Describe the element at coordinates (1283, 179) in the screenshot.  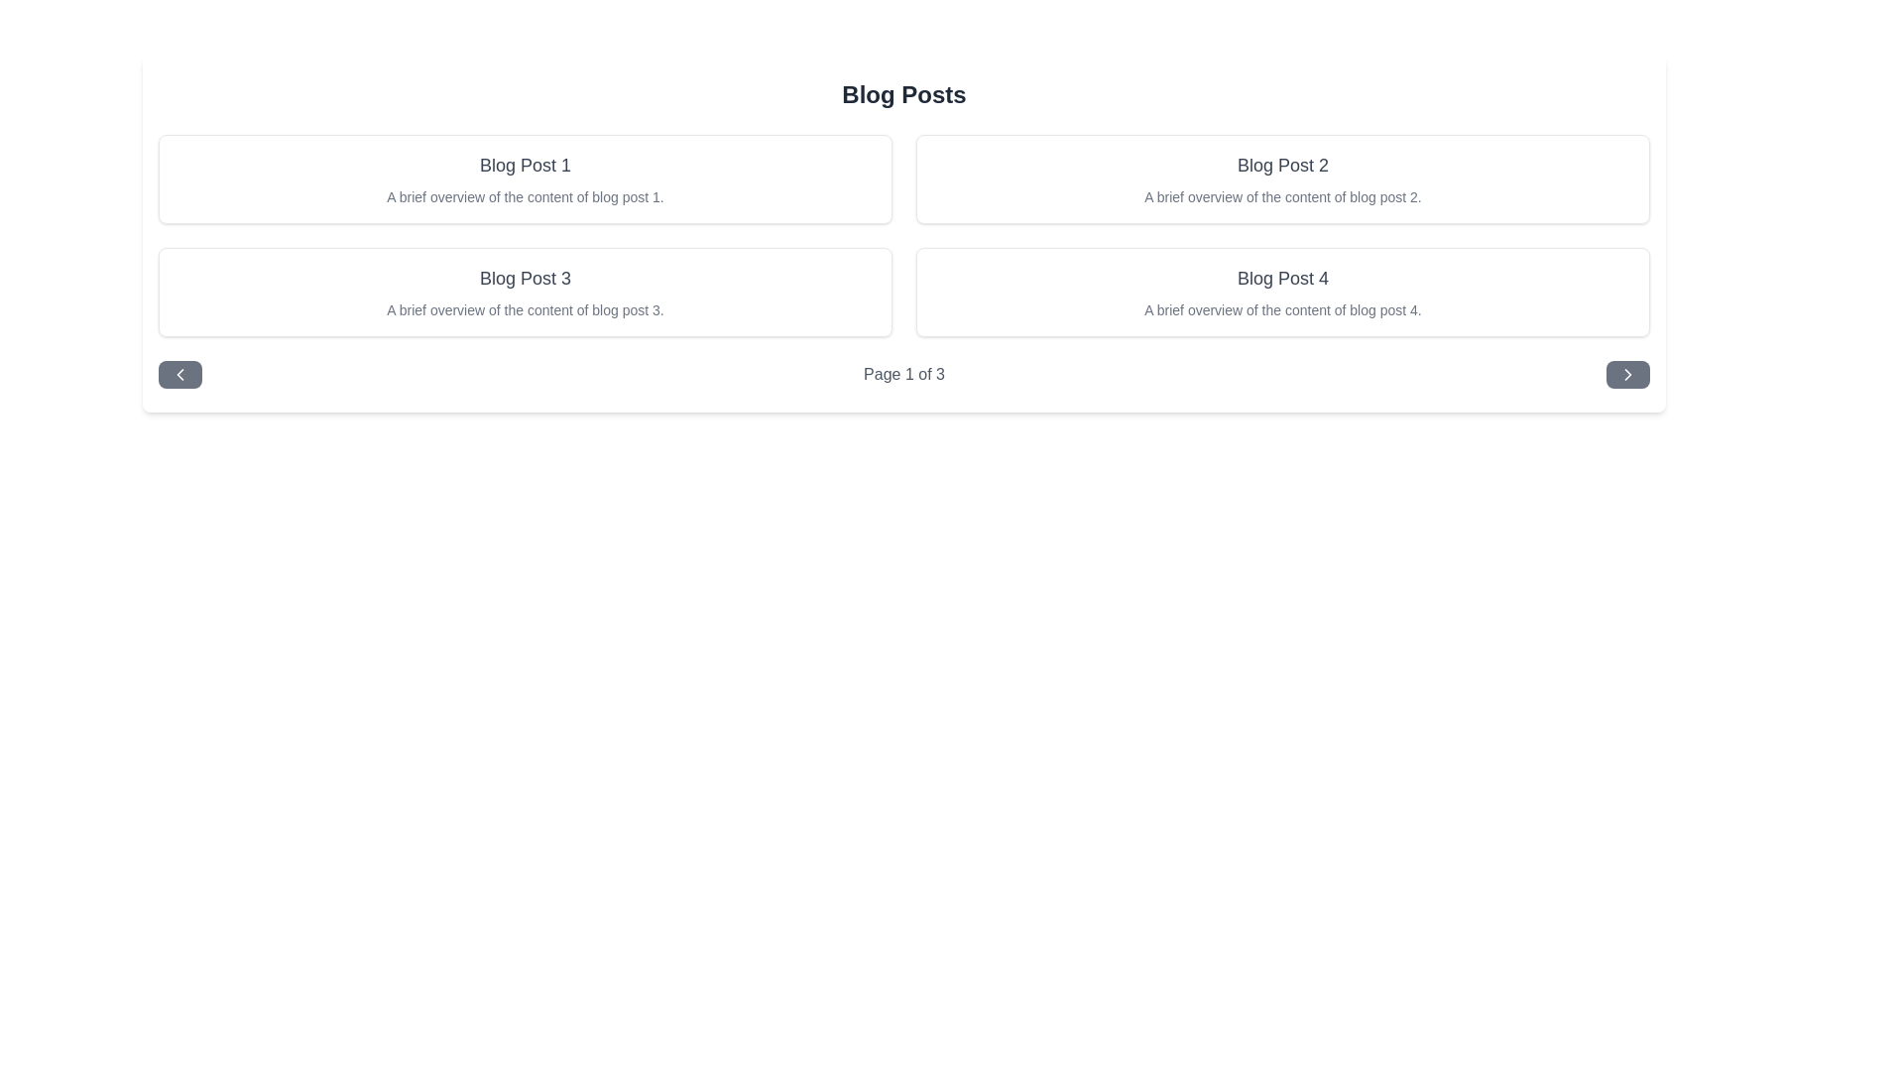
I see `the blog post card that provides a title and brief summary, located` at that location.